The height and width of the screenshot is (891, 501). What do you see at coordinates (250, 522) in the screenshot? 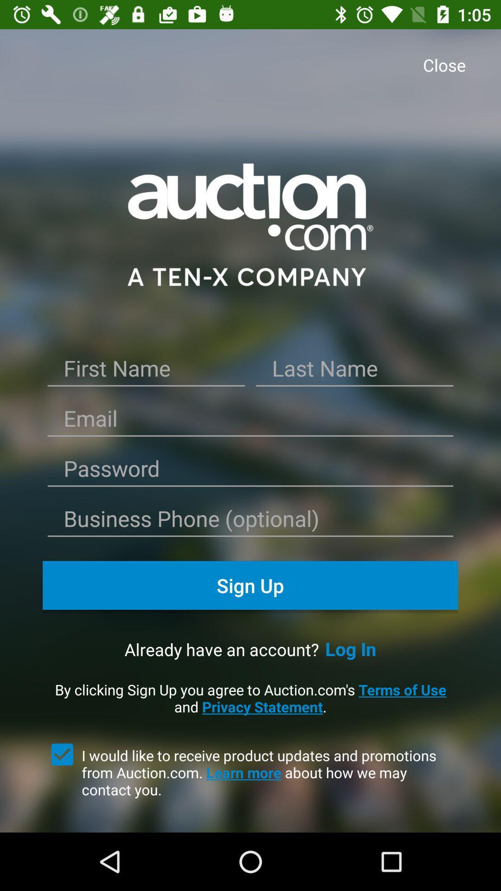
I see `business phone number` at bounding box center [250, 522].